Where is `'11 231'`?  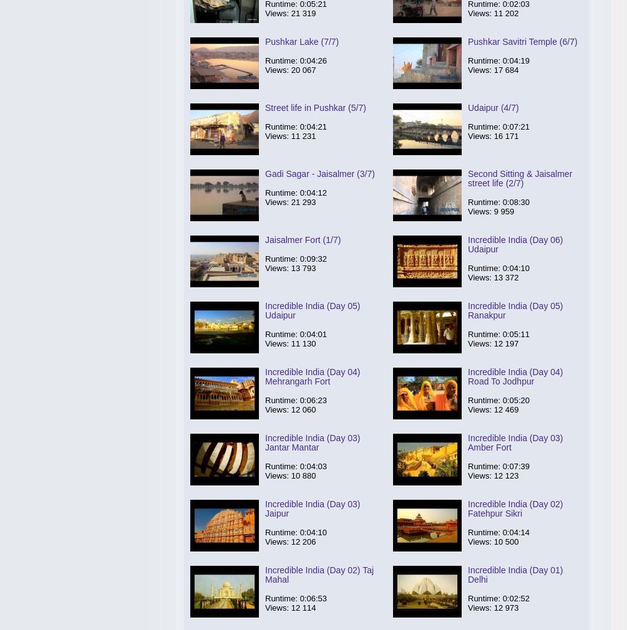
'11 231' is located at coordinates (303, 136).